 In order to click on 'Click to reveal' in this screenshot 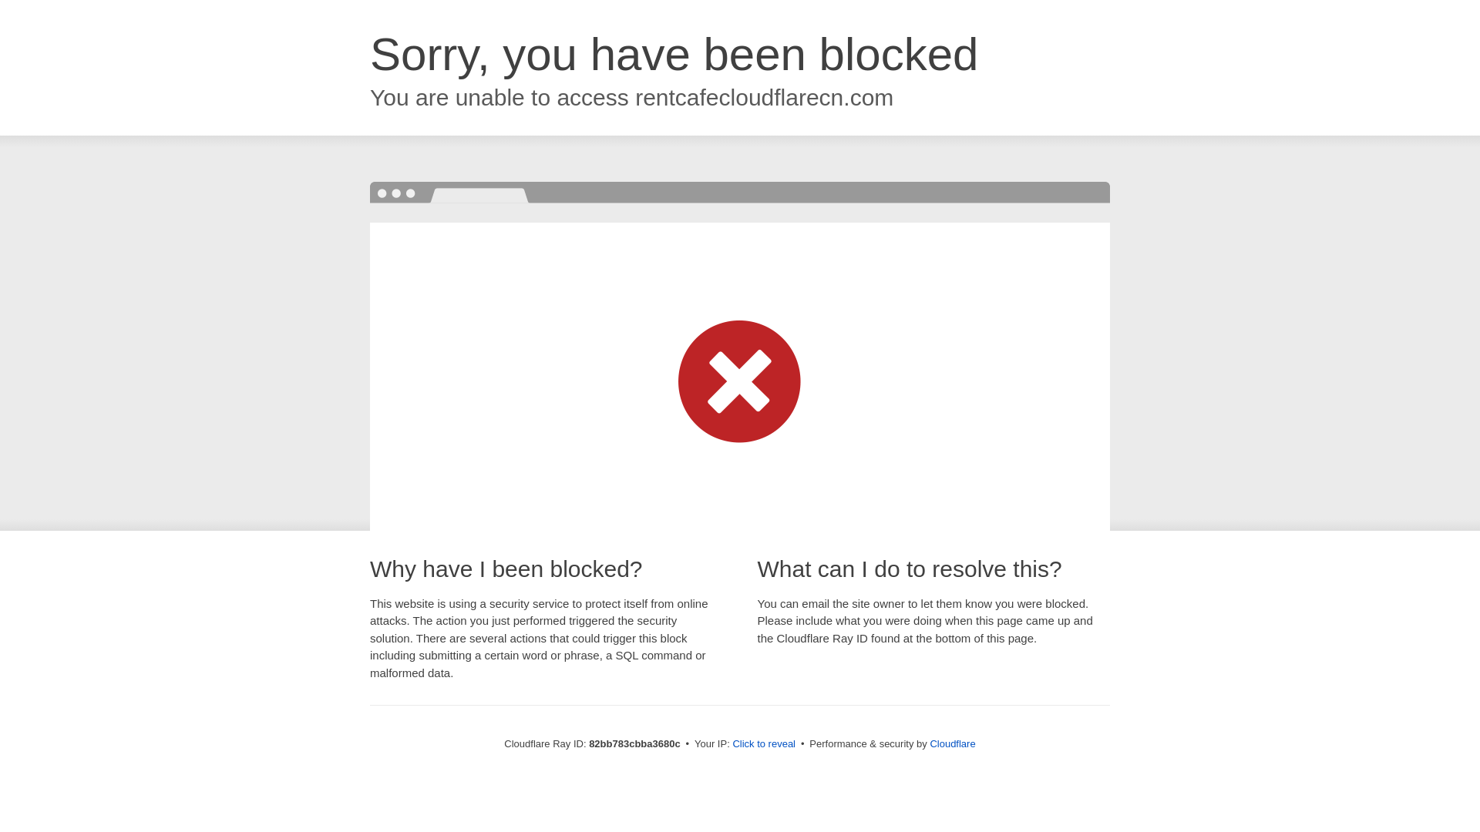, I will do `click(763, 743)`.